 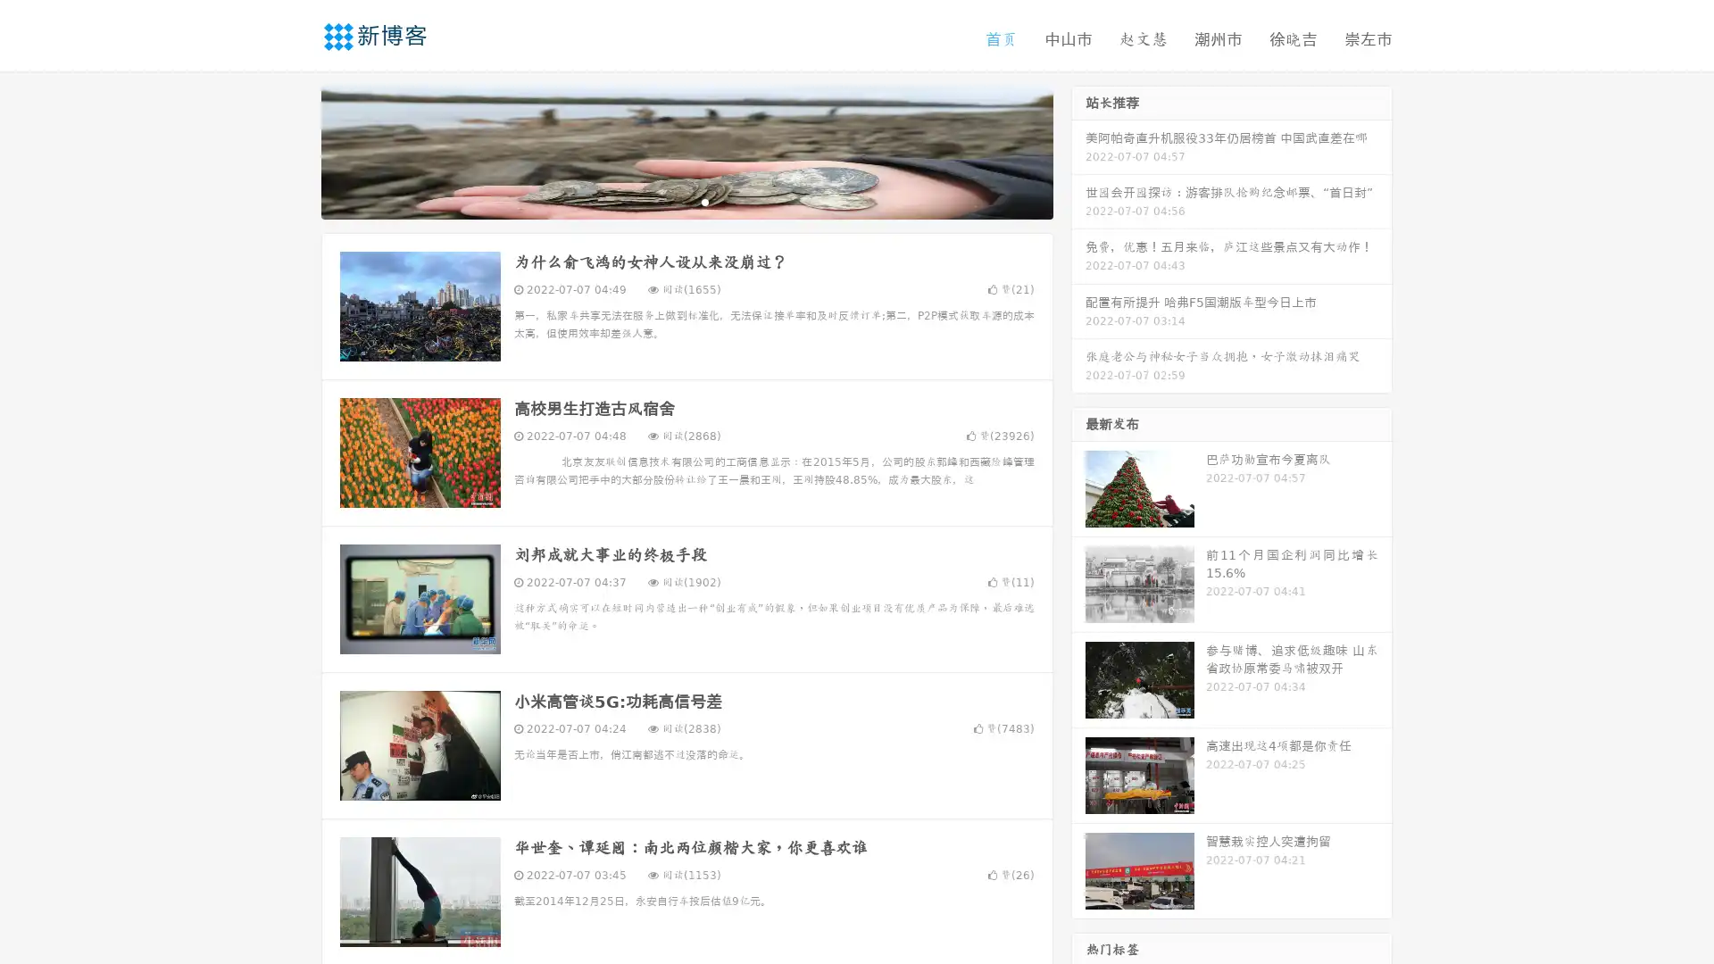 I want to click on Next slide, so click(x=1078, y=150).